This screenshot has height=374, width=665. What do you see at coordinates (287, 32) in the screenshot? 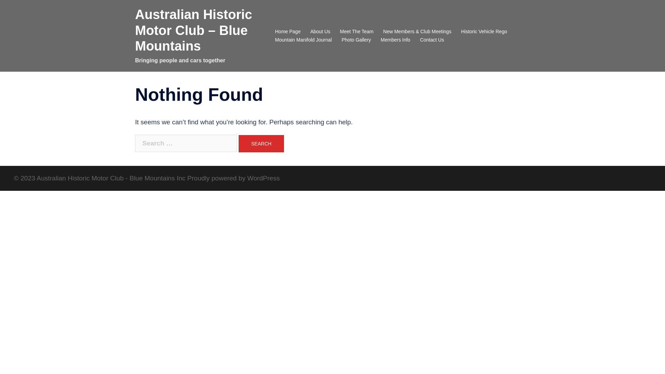
I see `'Home Page'` at bounding box center [287, 32].